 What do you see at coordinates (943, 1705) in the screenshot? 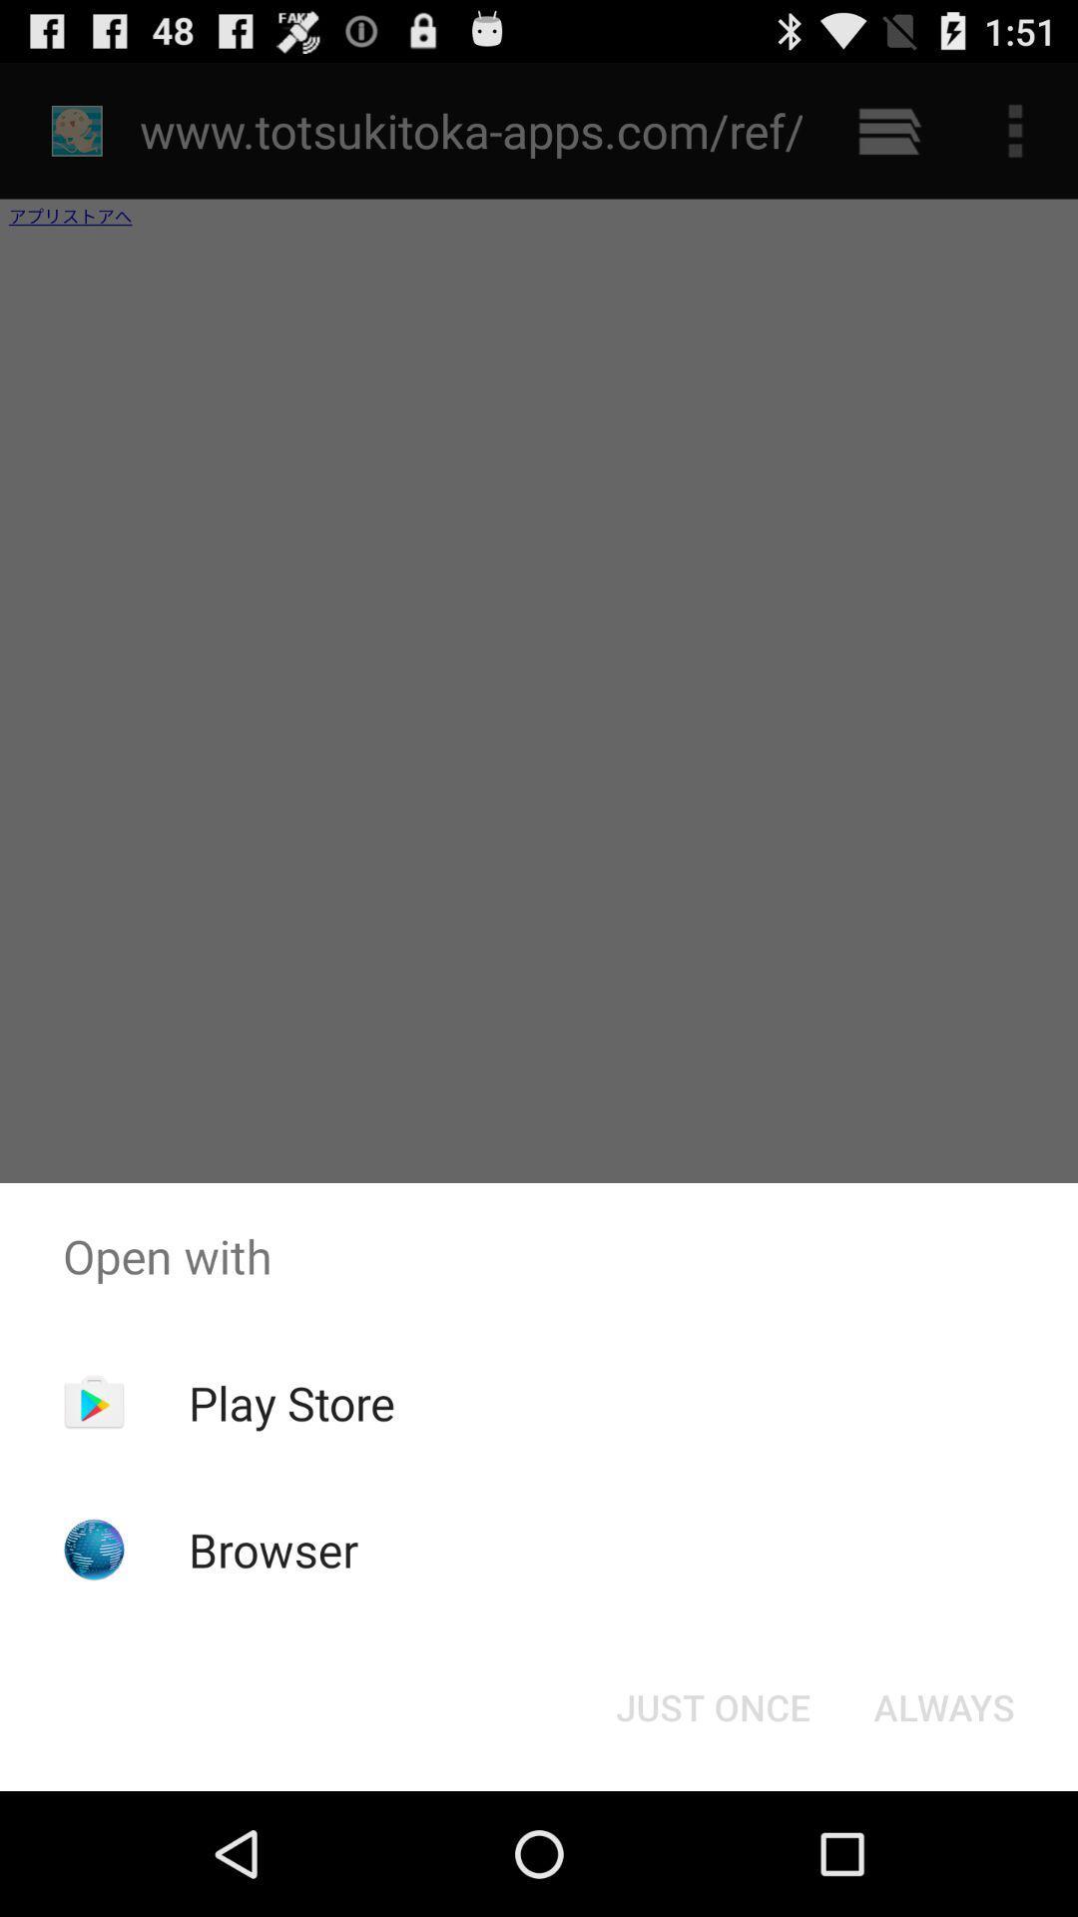
I see `item next to the just once button` at bounding box center [943, 1705].